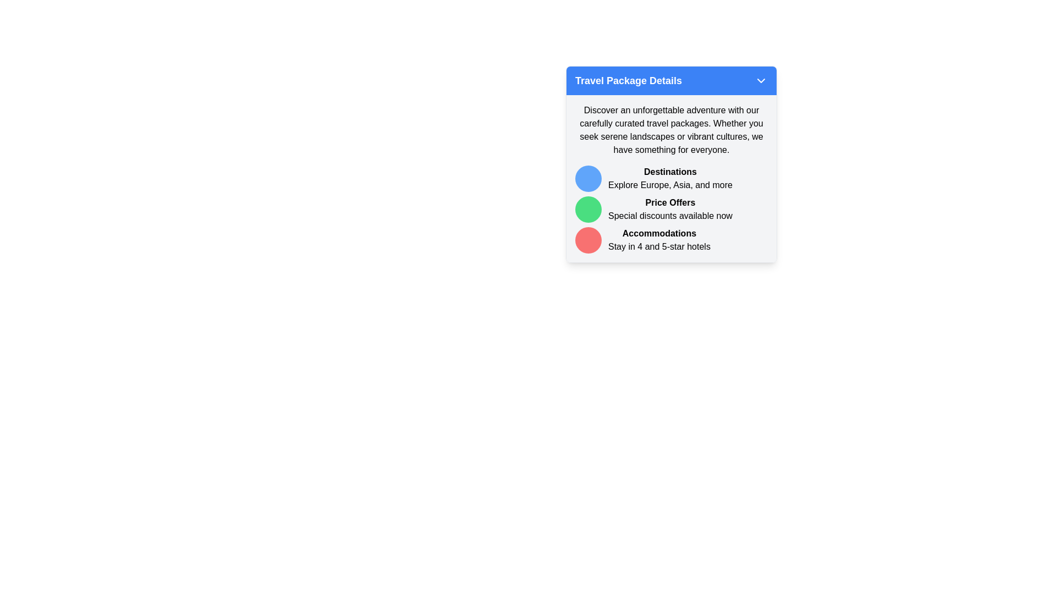 This screenshot has width=1056, height=594. What do you see at coordinates (670, 239) in the screenshot?
I see `the third list item promoting 4 and 5 star hotel accommodations in the travel package for navigation purposes` at bounding box center [670, 239].